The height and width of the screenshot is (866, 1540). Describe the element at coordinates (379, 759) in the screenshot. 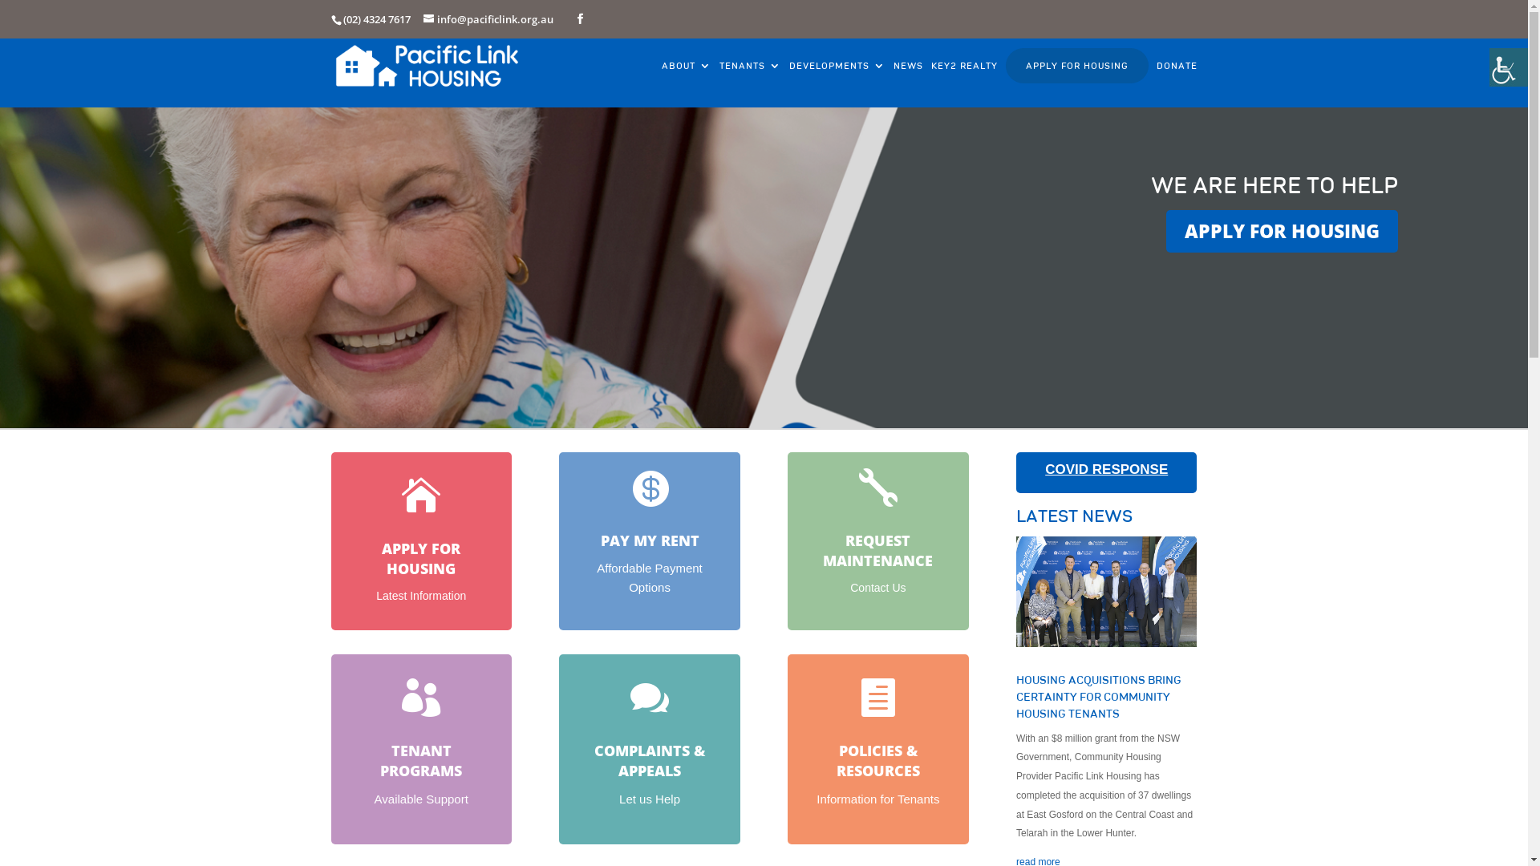

I see `'TENANT PROGRAMS'` at that location.